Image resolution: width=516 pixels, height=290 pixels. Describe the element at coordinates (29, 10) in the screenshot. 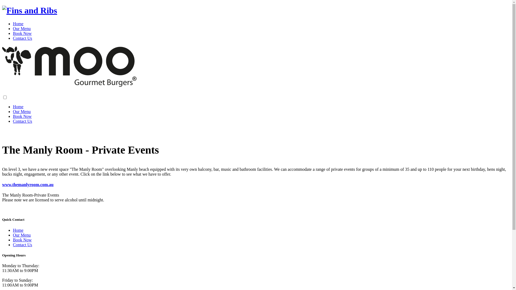

I see `'Moo Gourmet Burgers'` at that location.